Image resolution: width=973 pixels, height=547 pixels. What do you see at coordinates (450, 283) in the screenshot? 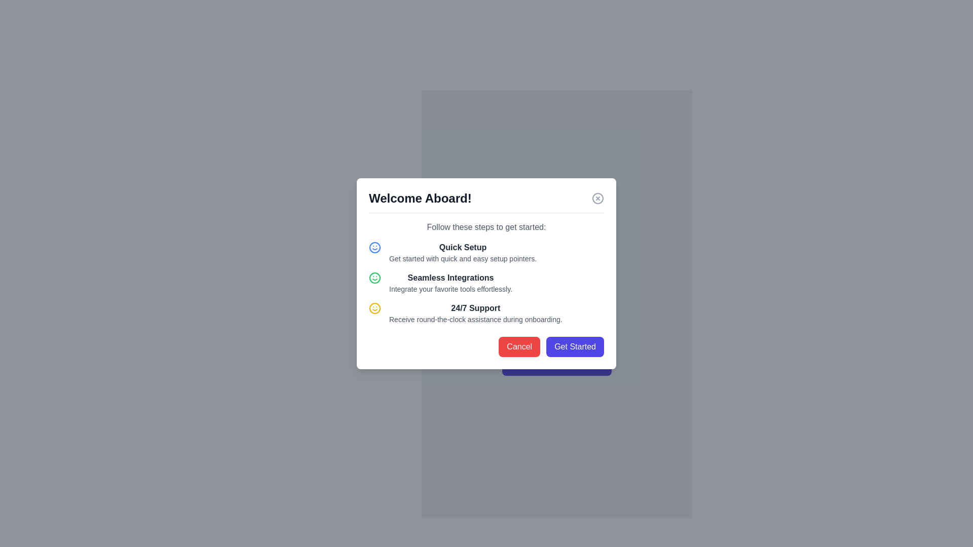
I see `the UI text block that describes 'seamless integrations' within the onboarding modal` at bounding box center [450, 283].